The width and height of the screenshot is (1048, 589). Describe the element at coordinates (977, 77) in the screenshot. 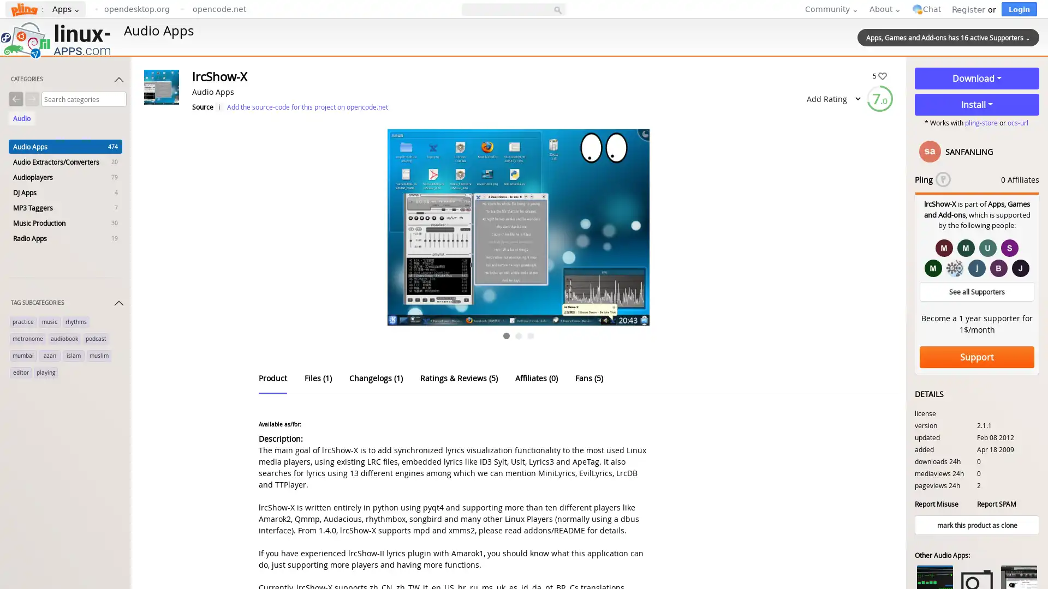

I see `Download` at that location.